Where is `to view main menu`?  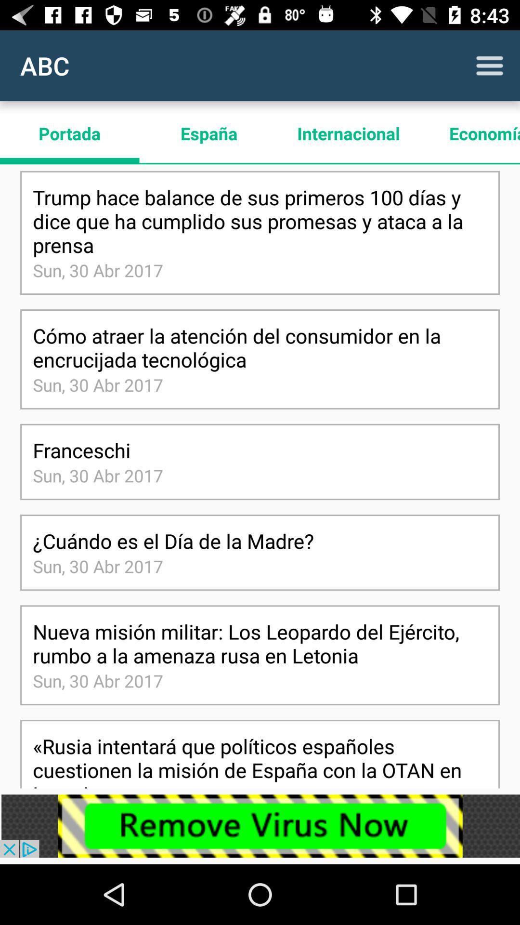
to view main menu is located at coordinates (490, 65).